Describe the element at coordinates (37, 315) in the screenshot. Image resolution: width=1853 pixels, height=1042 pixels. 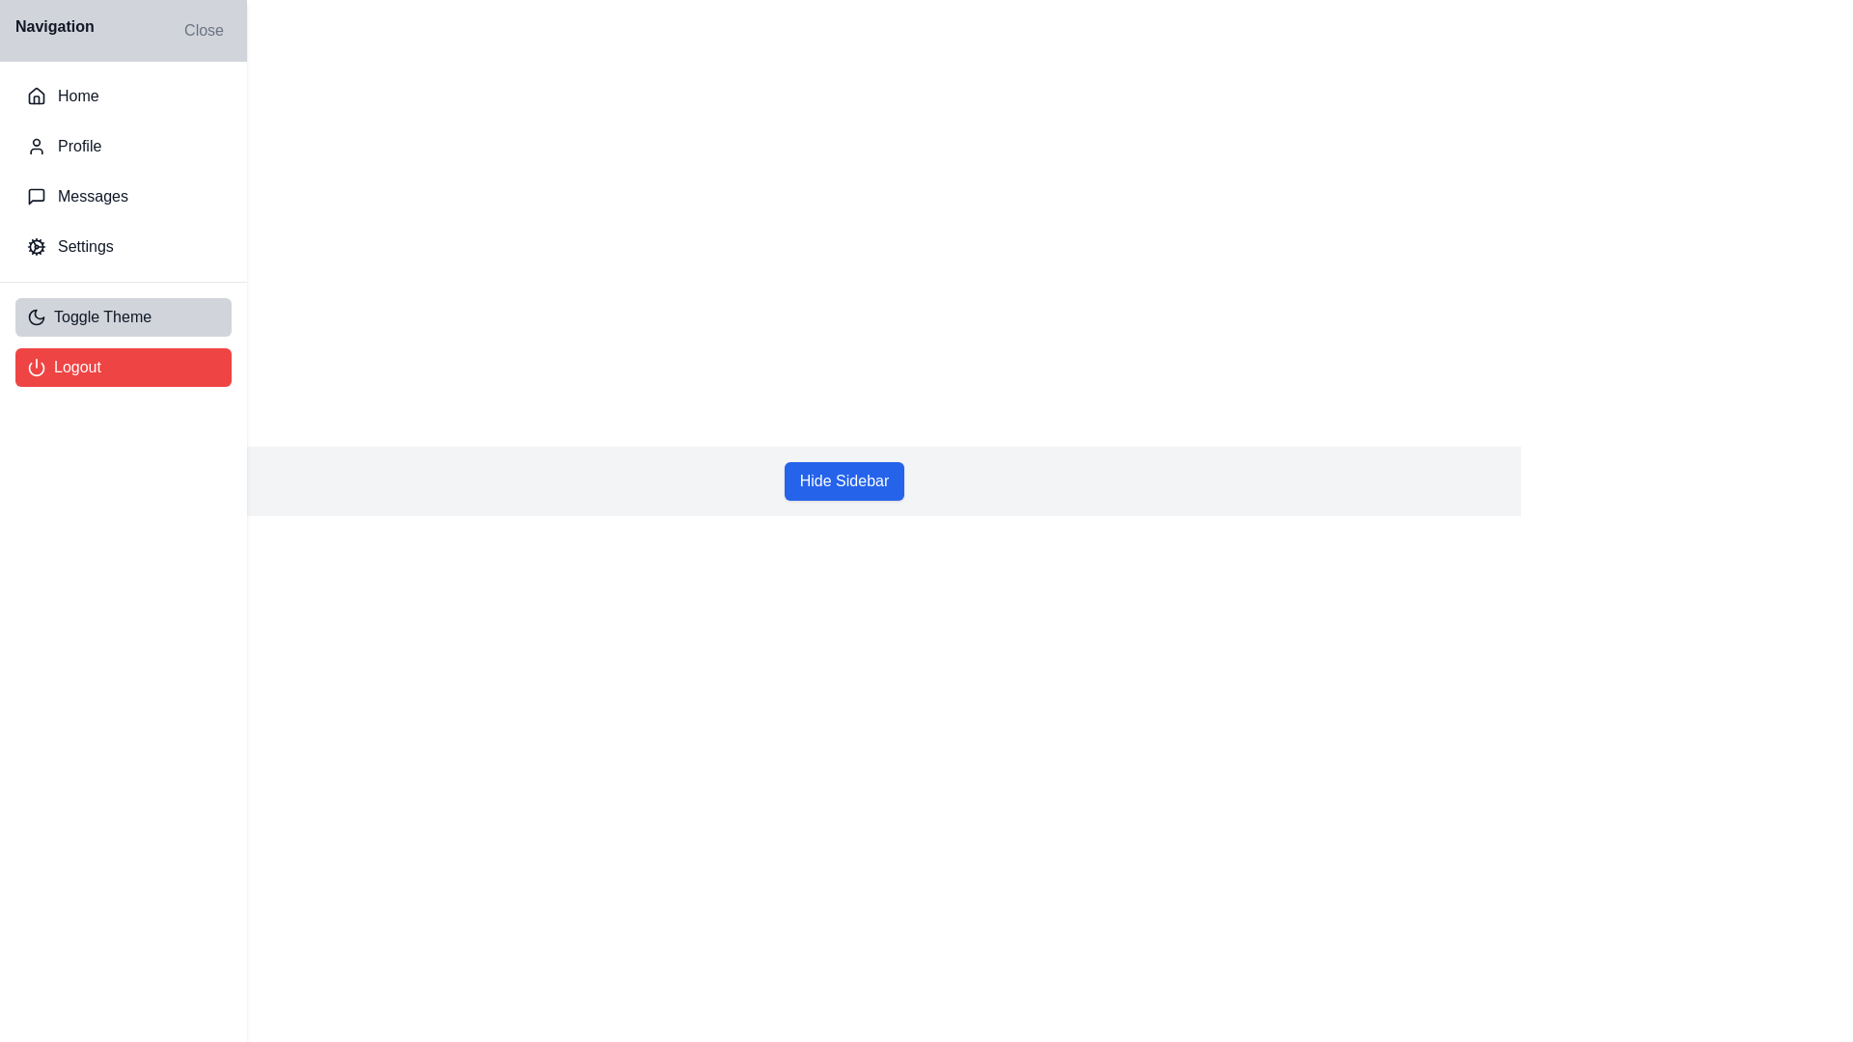
I see `the theme toggle icon located in the sidebar menu near the bottom-left of the interface` at that location.